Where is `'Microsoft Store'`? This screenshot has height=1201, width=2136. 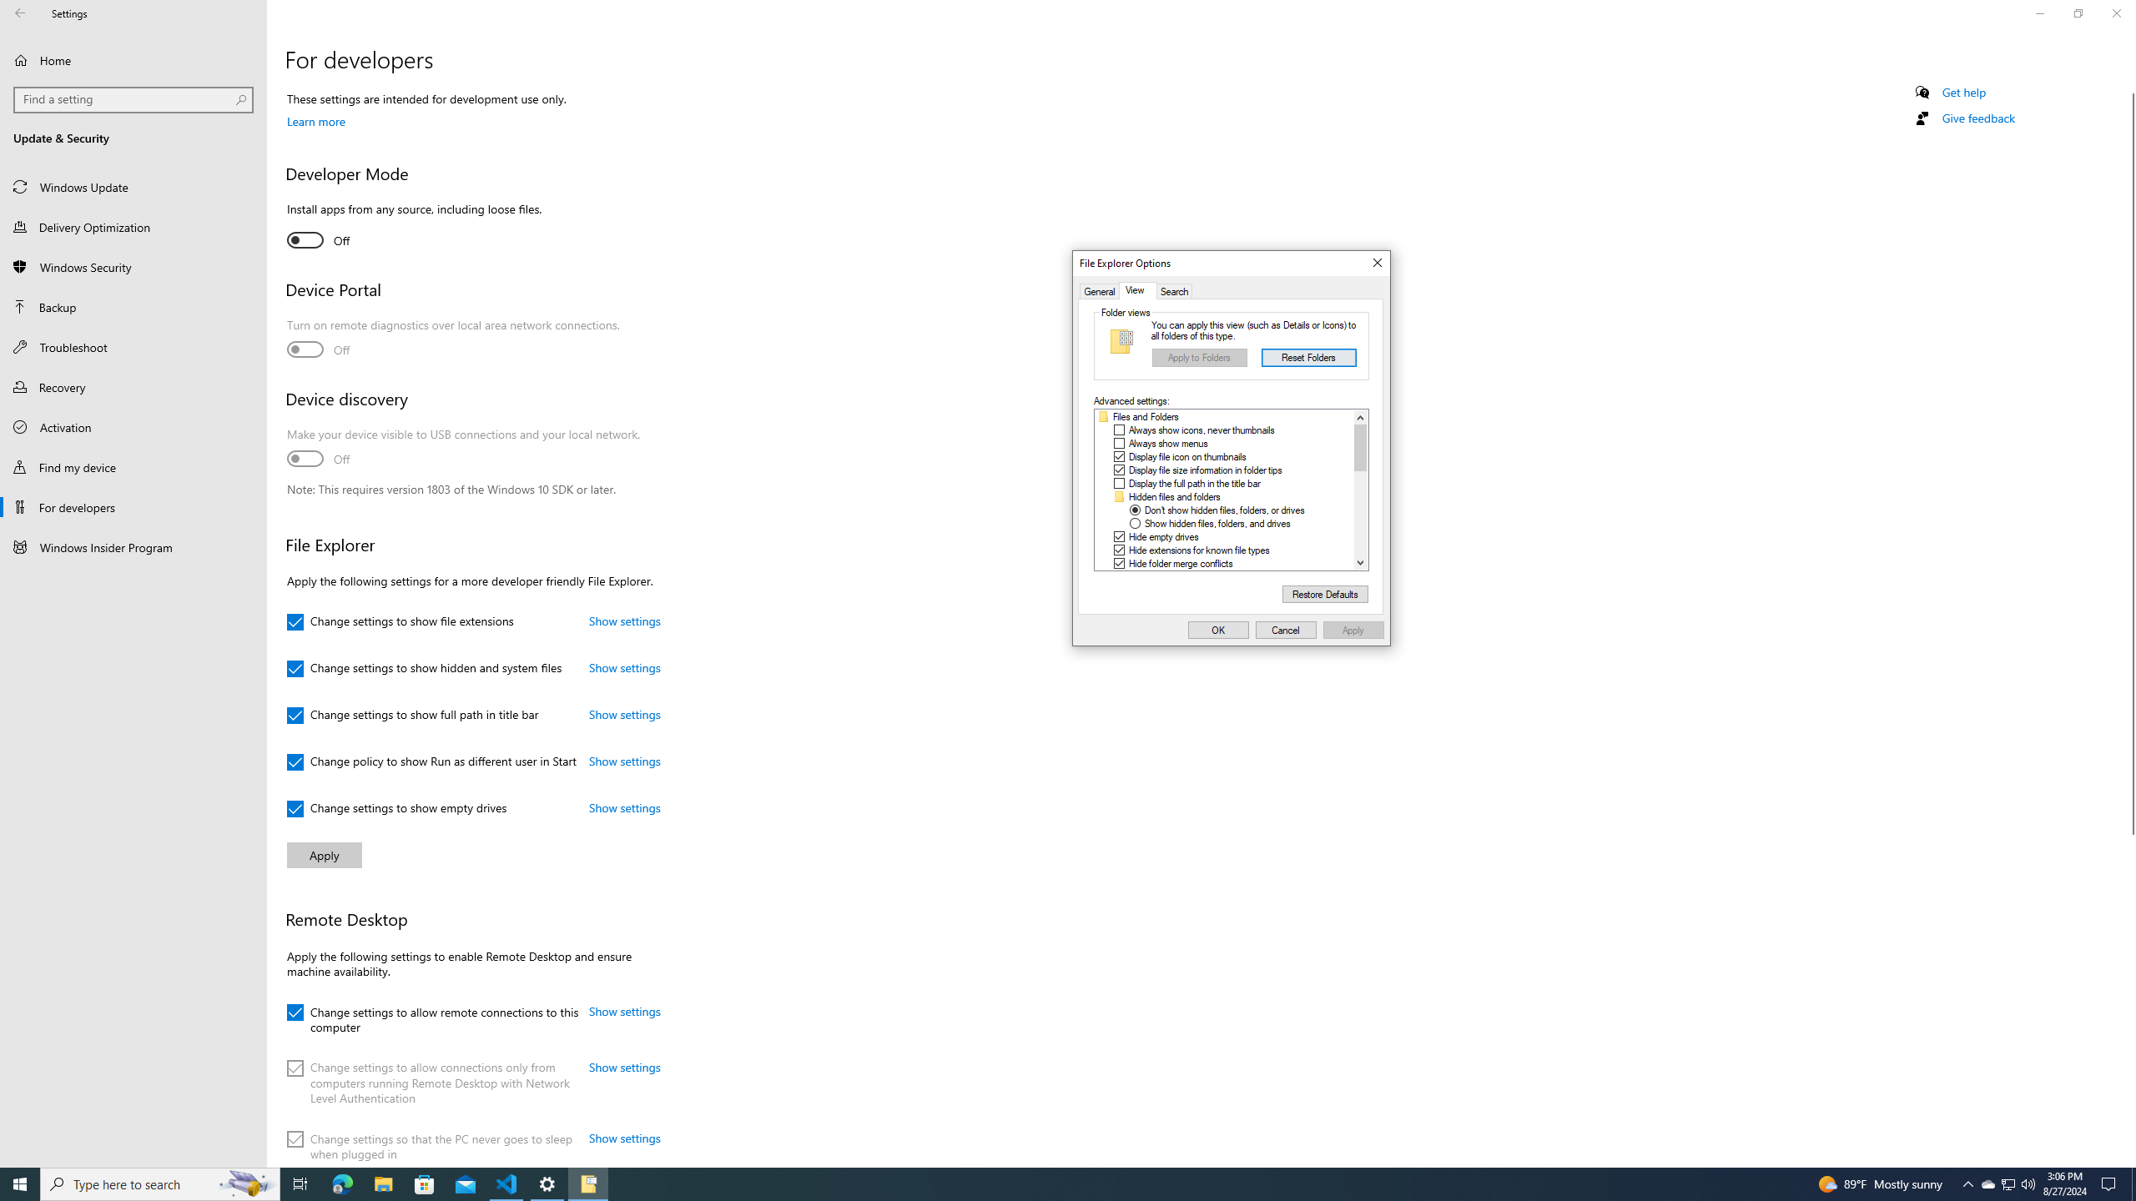 'Microsoft Store' is located at coordinates (425, 1183).